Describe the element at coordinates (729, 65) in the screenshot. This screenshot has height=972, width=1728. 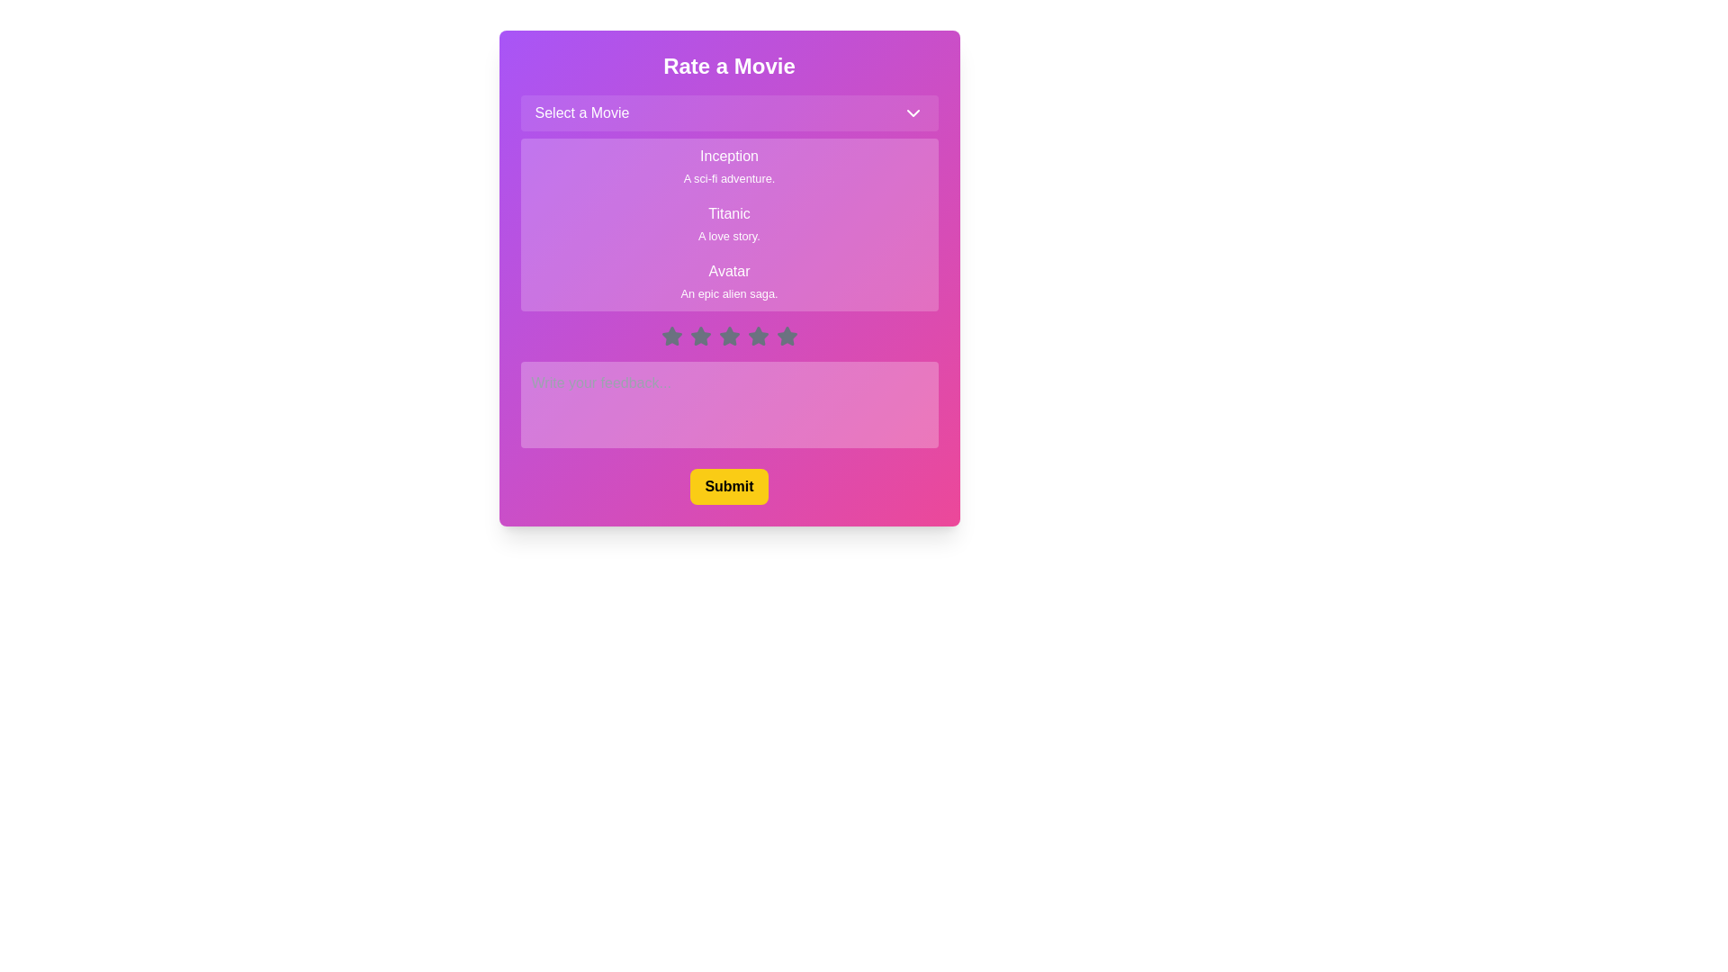
I see `the header text that says 'Rate a Movie', which is styled in a larger, bold font and centrally aligned at the top of the dialog box, above the dropdown labeled 'Select a Movie'` at that location.